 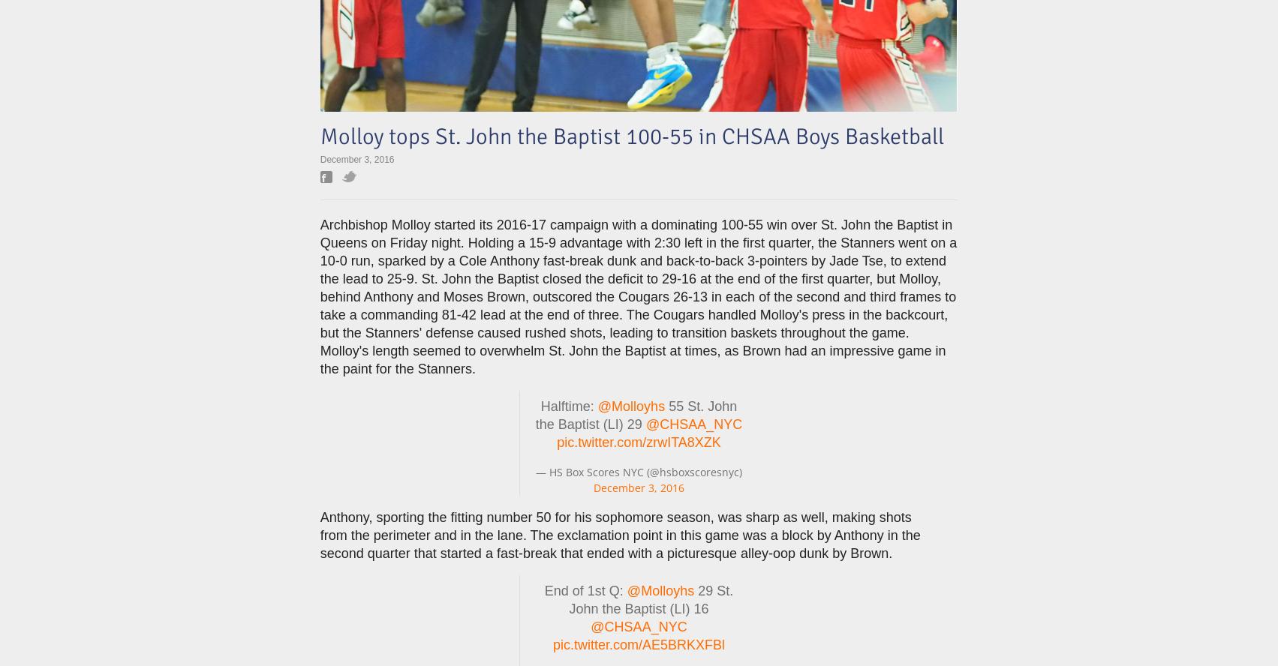 What do you see at coordinates (638, 644) in the screenshot?
I see `'pic.twitter.com/AE5BRKXFBl'` at bounding box center [638, 644].